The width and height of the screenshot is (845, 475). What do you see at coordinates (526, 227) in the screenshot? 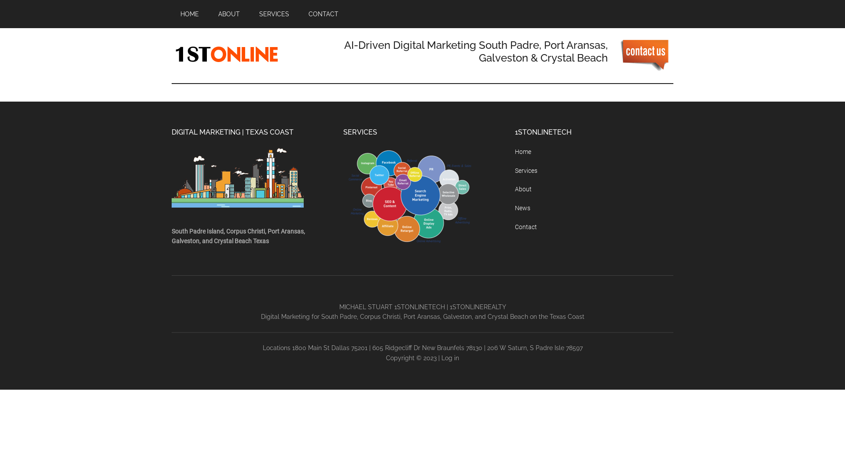
I see `'Contact'` at bounding box center [526, 227].